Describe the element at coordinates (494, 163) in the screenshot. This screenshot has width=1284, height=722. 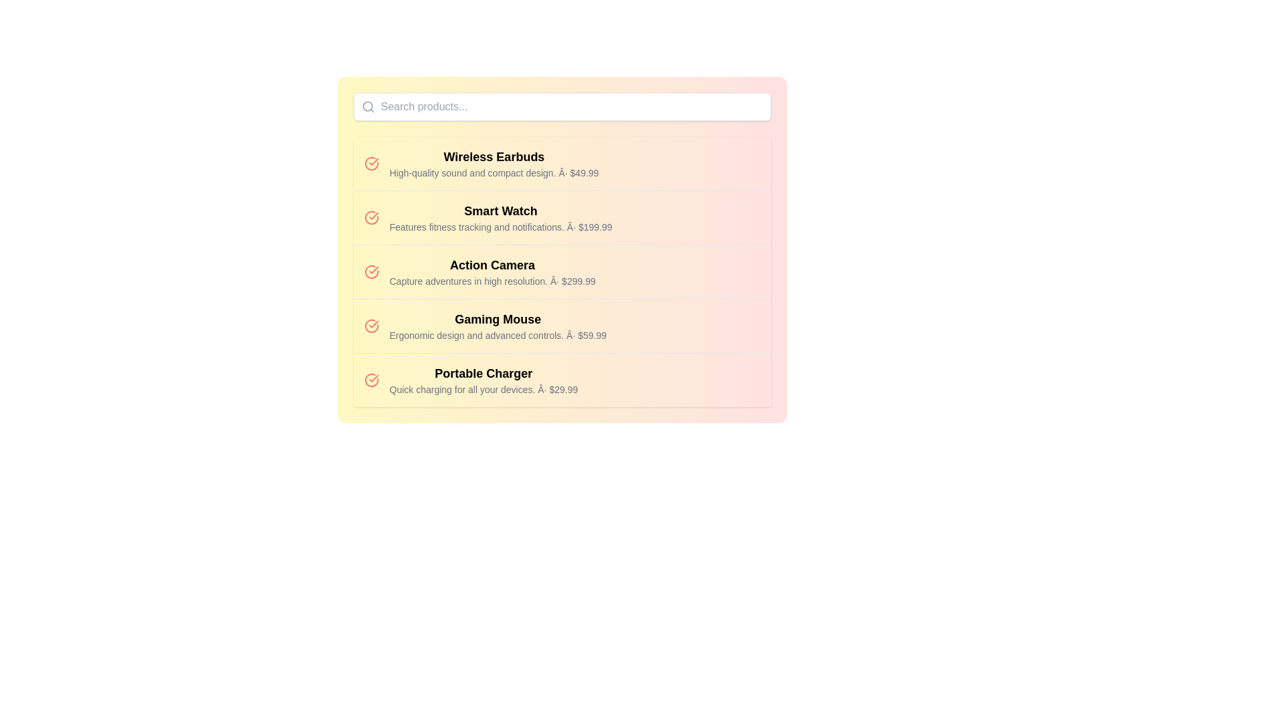
I see `description of the text element displaying 'Wireless Earbuds' and its details about pricing and features, located below the search bar` at that location.